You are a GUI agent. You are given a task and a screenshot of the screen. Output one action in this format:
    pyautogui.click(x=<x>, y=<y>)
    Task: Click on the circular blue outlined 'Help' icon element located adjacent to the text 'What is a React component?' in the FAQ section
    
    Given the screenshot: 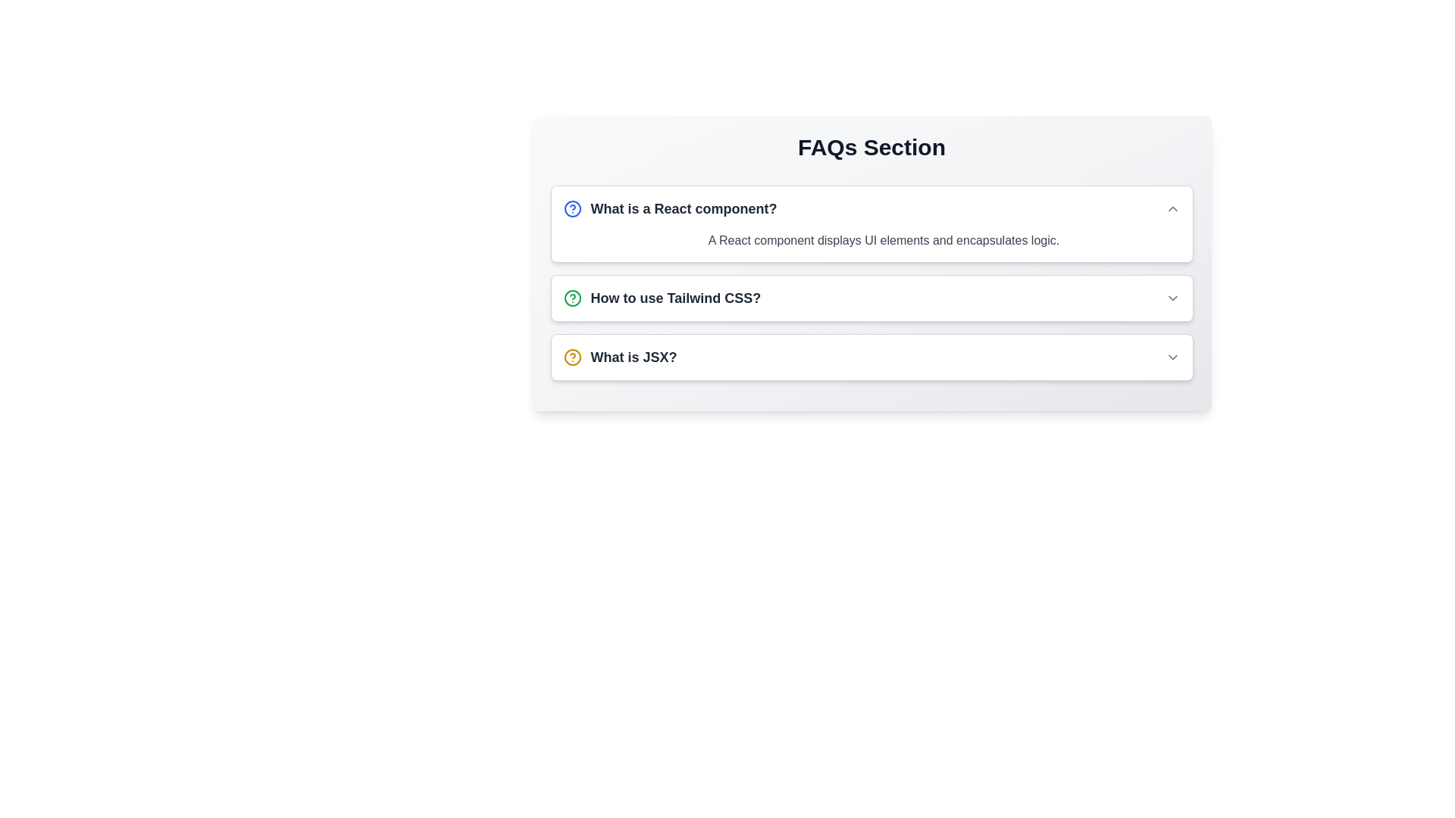 What is the action you would take?
    pyautogui.click(x=571, y=209)
    